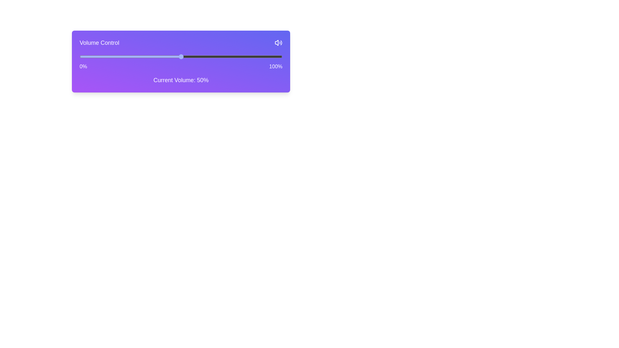 This screenshot has width=619, height=348. What do you see at coordinates (181, 62) in the screenshot?
I see `labels on the Volume control panel to understand the volume range from 0% to 100%` at bounding box center [181, 62].